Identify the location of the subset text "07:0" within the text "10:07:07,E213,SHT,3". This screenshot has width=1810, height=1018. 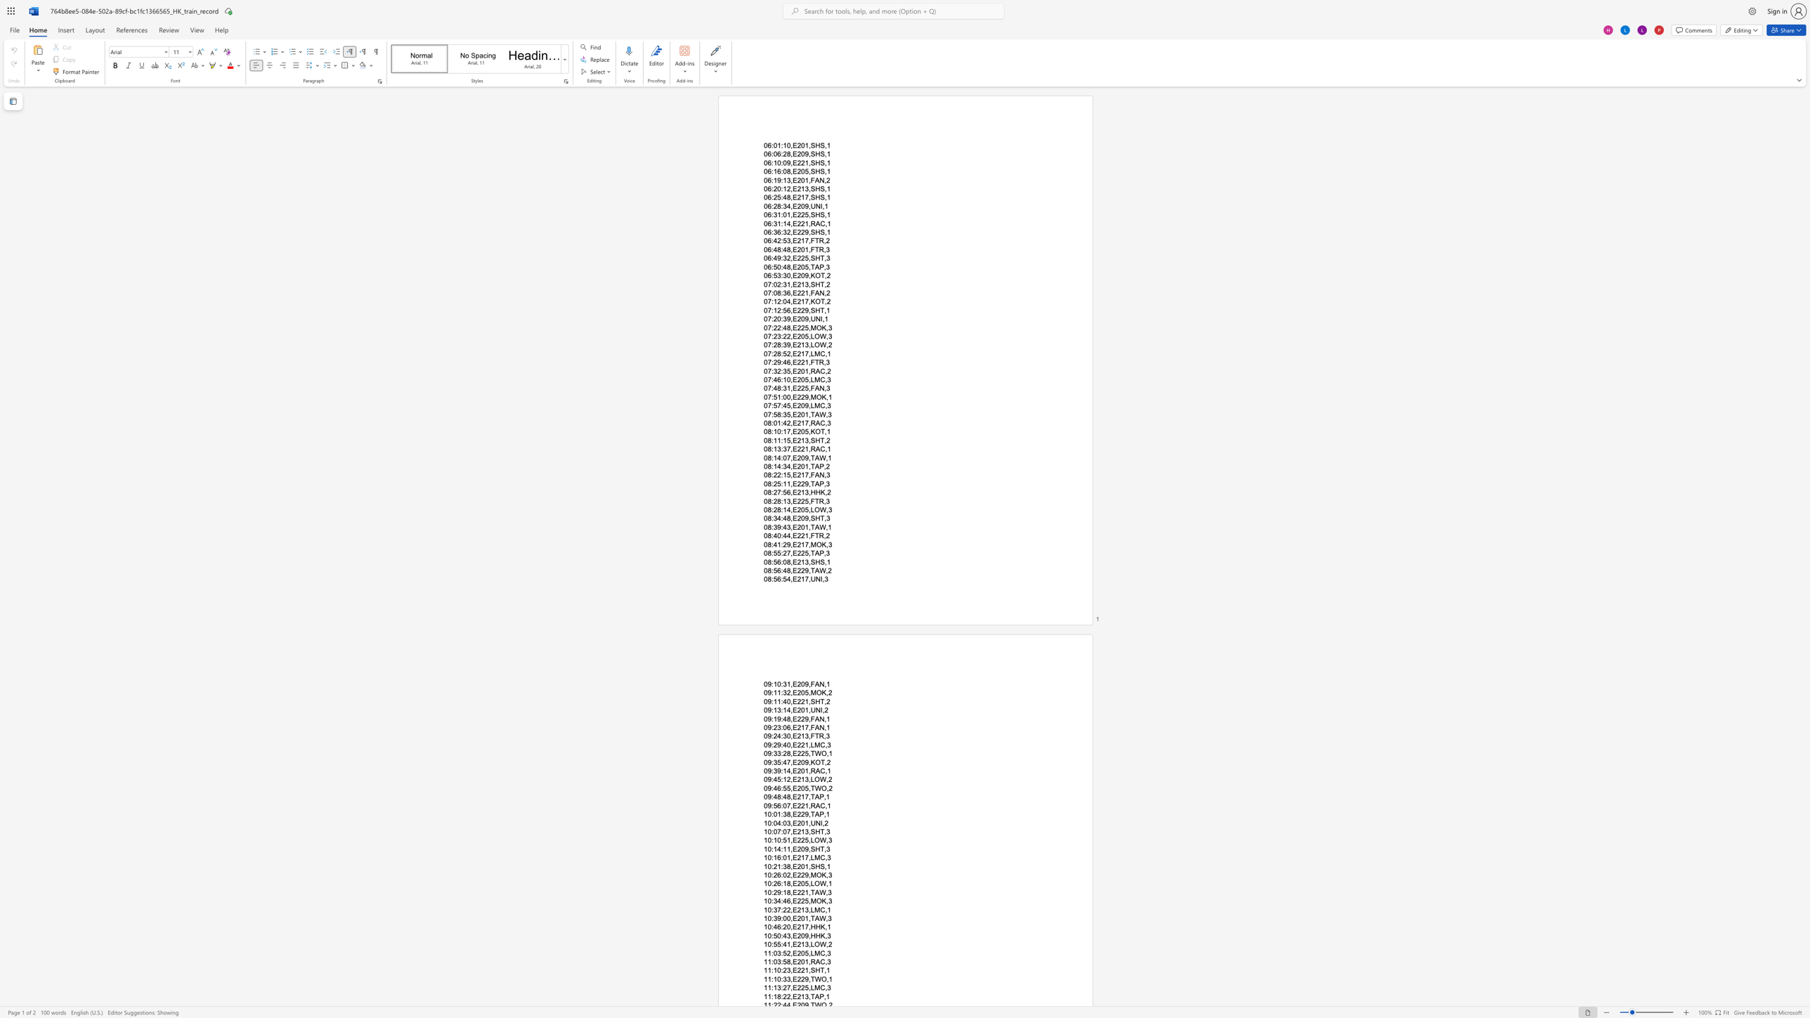
(773, 830).